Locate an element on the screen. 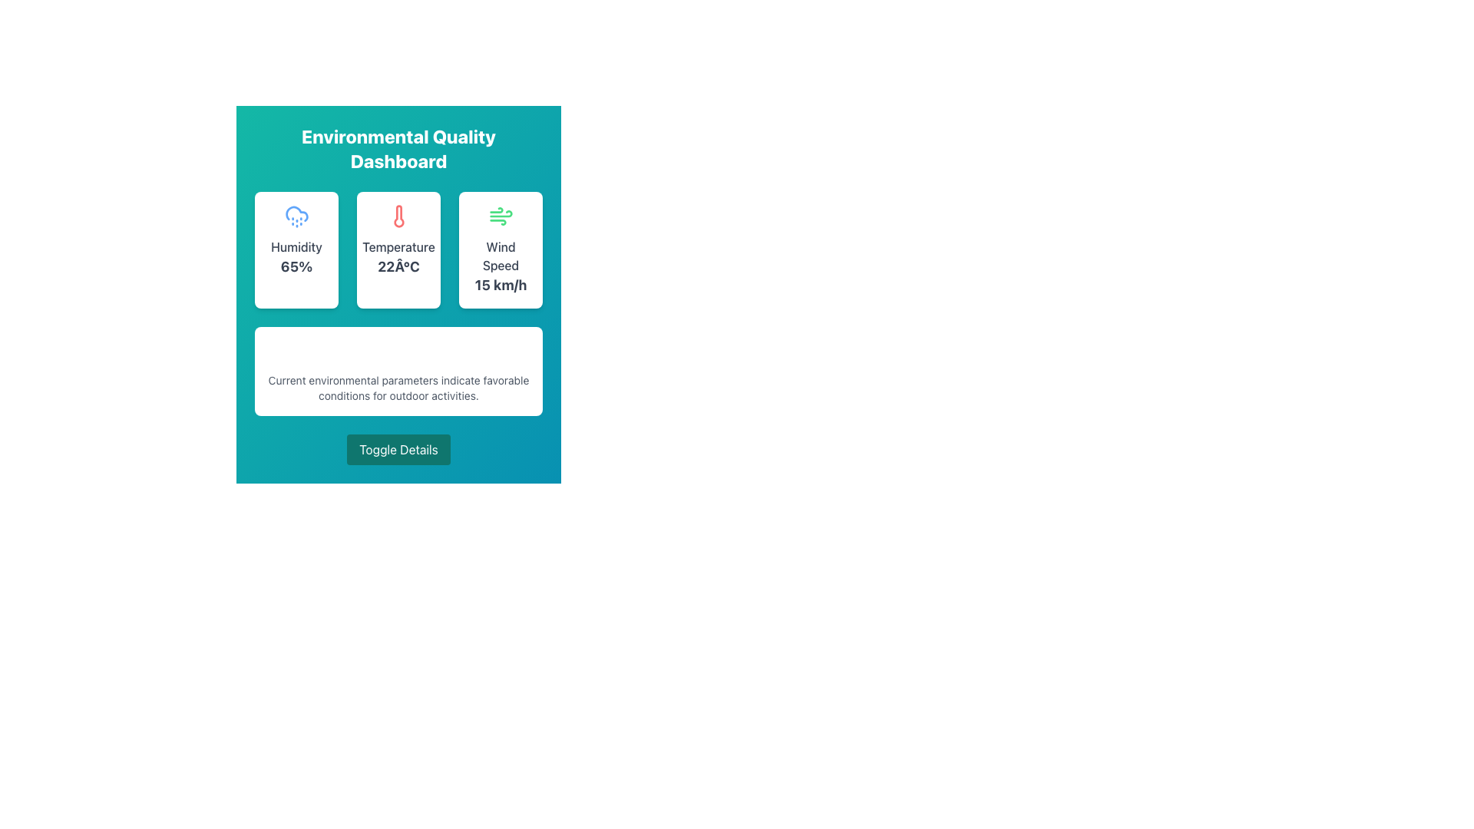 The image size is (1474, 829). the middle card displaying the current temperature, which is centrally aligned in a three-part grid layout is located at coordinates (398, 249).